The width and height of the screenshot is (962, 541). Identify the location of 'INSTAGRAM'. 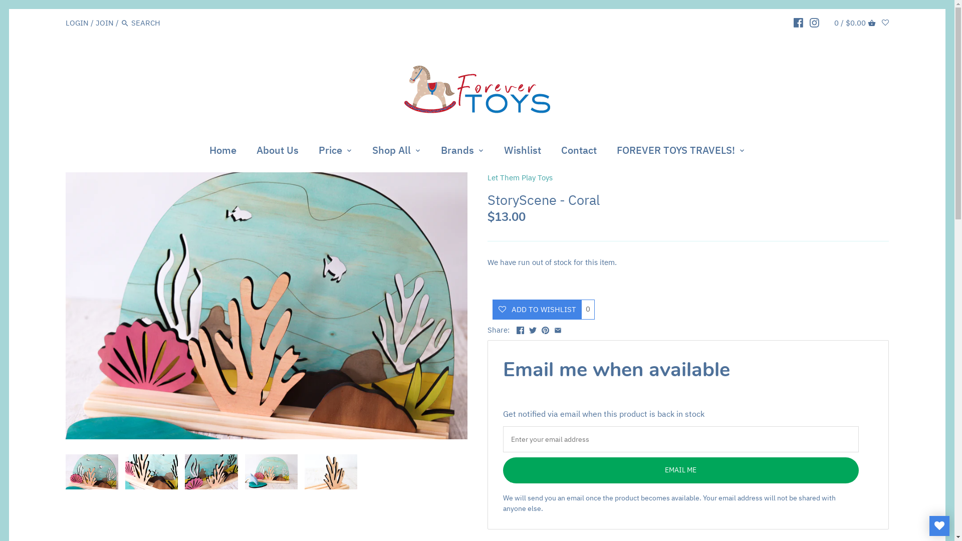
(814, 23).